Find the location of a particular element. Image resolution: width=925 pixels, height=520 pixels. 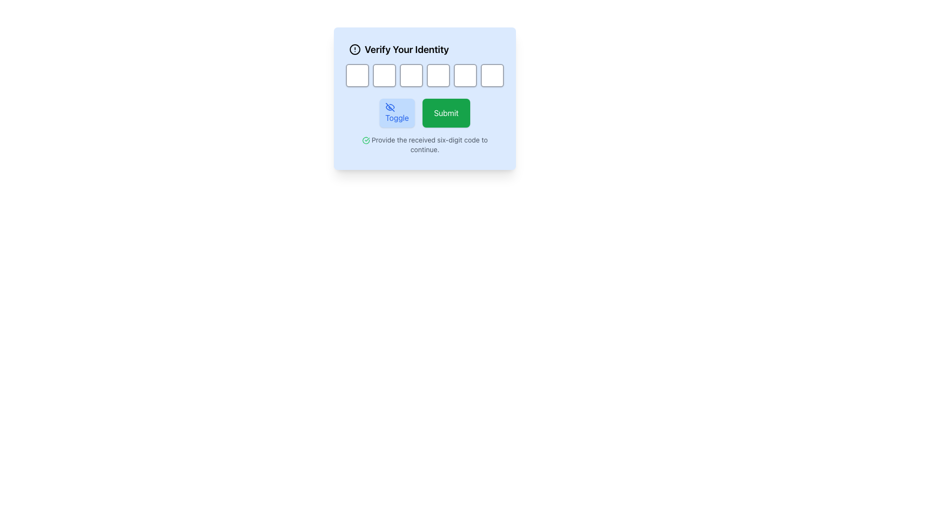

outer circle of the alert or information icon located to the left of the form heading 'Verify Your Identity' is located at coordinates (355, 50).